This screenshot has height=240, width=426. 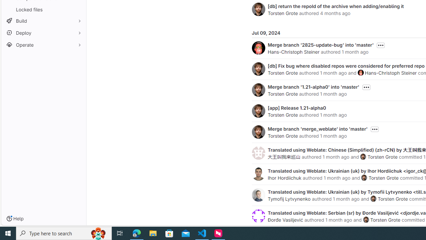 I want to click on 'Task View', so click(x=119, y=233).